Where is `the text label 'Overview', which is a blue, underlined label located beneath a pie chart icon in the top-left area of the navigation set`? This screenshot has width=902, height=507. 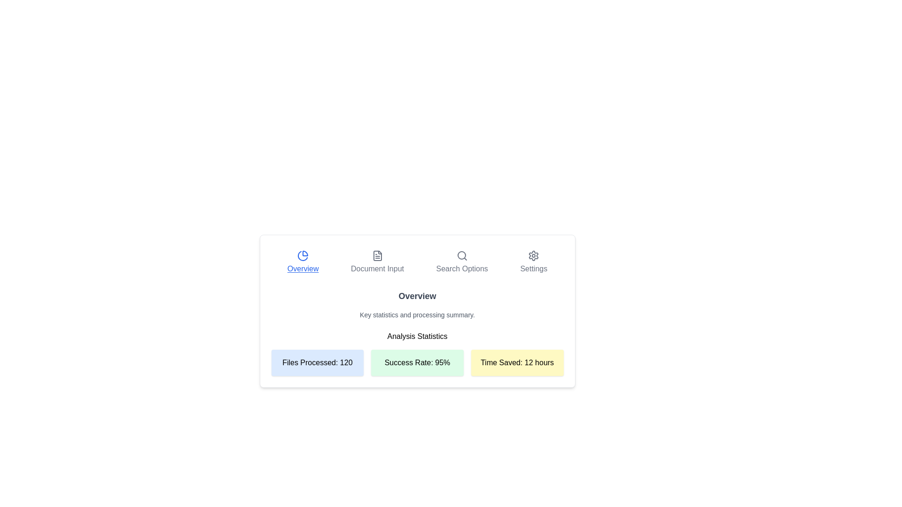
the text label 'Overview', which is a blue, underlined label located beneath a pie chart icon in the top-left area of the navigation set is located at coordinates (303, 269).